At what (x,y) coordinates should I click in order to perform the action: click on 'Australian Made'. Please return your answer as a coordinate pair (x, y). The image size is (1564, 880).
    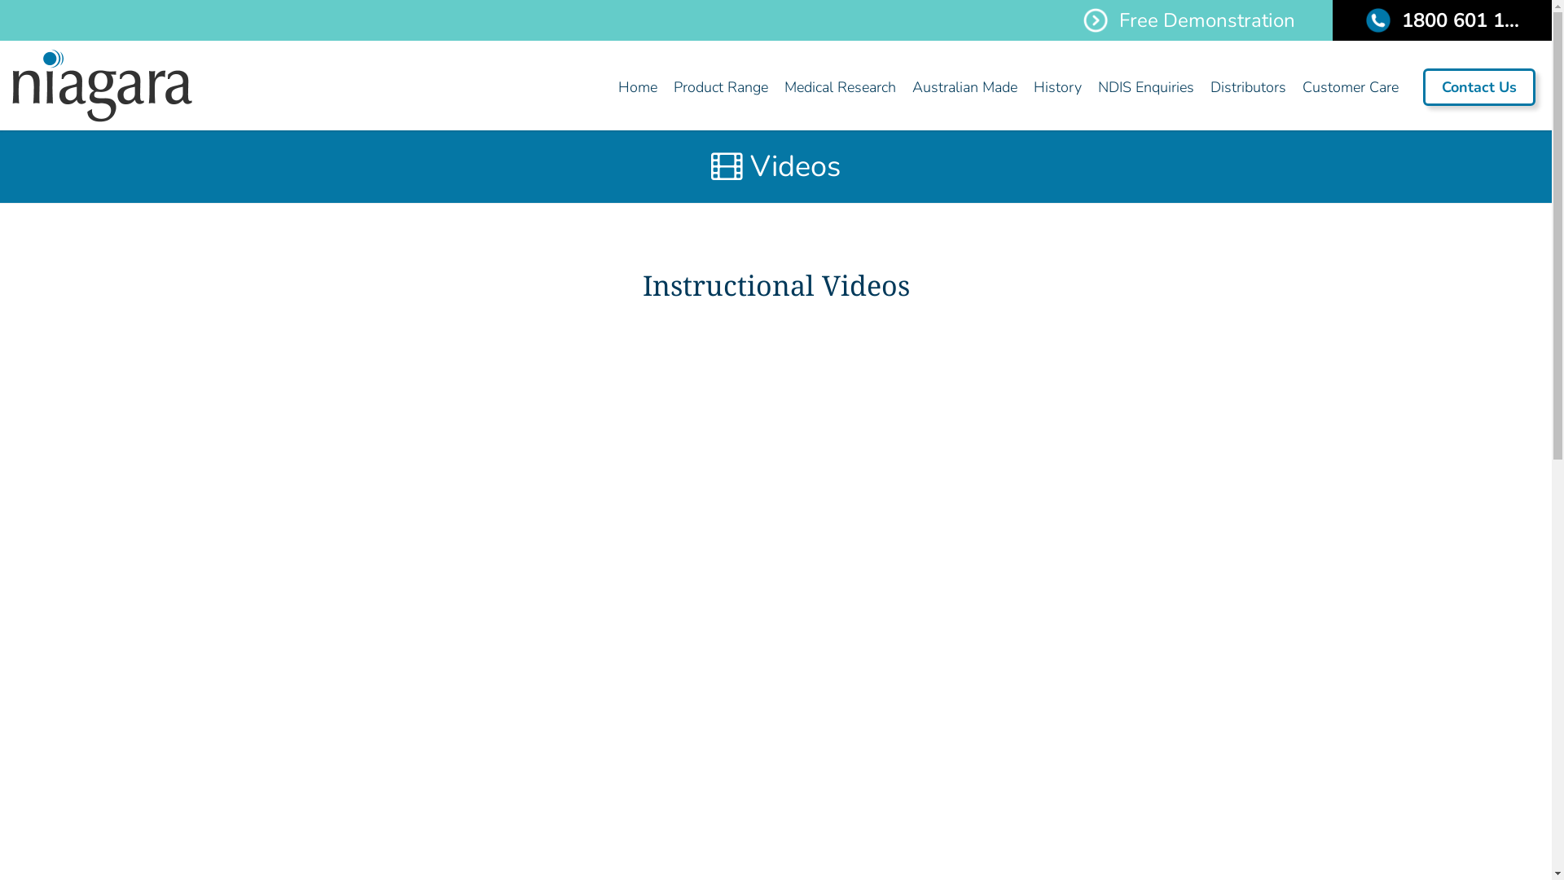
    Looking at the image, I should click on (903, 87).